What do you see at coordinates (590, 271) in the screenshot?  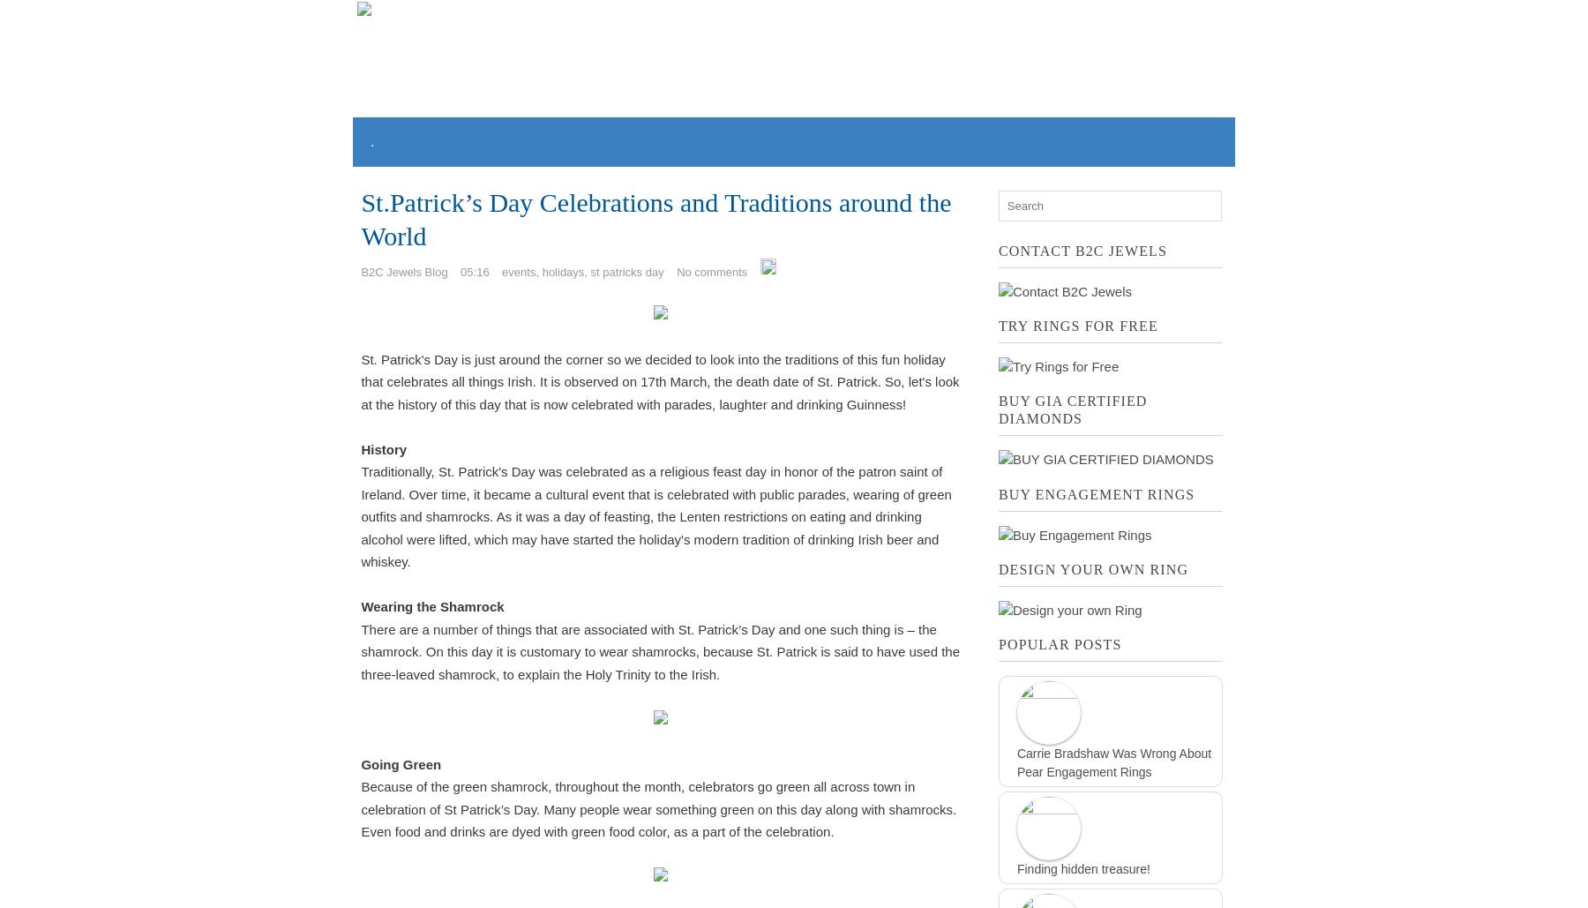 I see `'st patricks day'` at bounding box center [590, 271].